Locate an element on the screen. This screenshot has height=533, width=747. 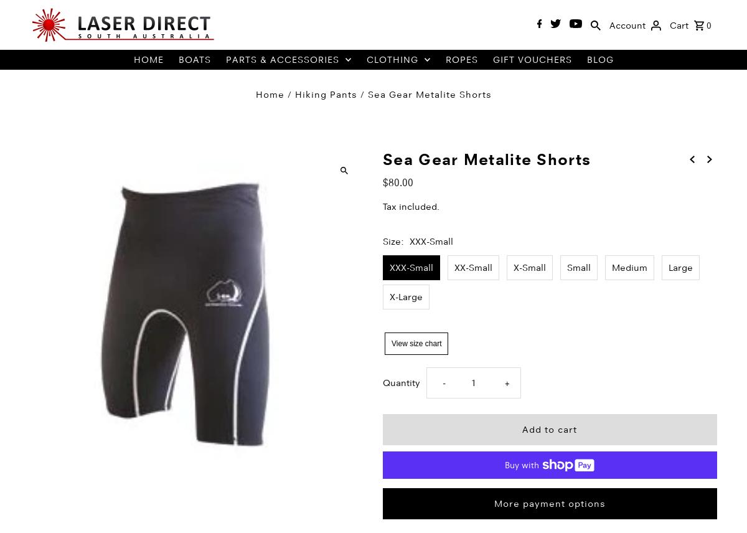
'Clothing' is located at coordinates (392, 59).